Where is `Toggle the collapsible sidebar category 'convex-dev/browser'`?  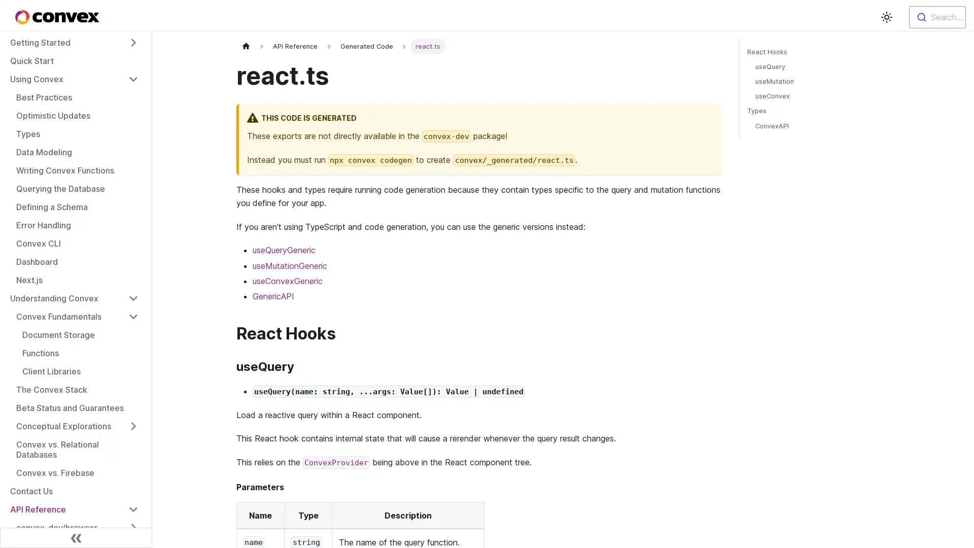
Toggle the collapsible sidebar category 'convex-dev/browser' is located at coordinates (133, 527).